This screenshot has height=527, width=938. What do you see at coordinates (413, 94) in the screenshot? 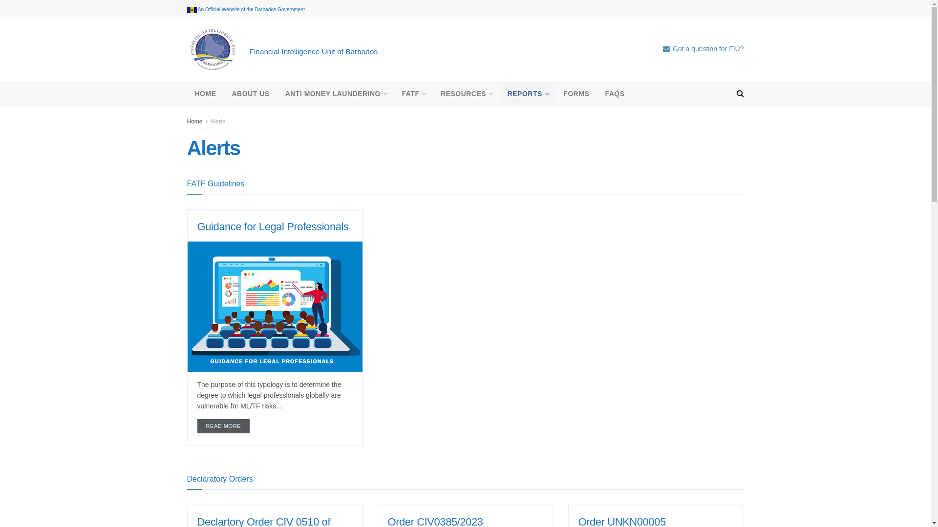
I see `'FATF'` at bounding box center [413, 94].